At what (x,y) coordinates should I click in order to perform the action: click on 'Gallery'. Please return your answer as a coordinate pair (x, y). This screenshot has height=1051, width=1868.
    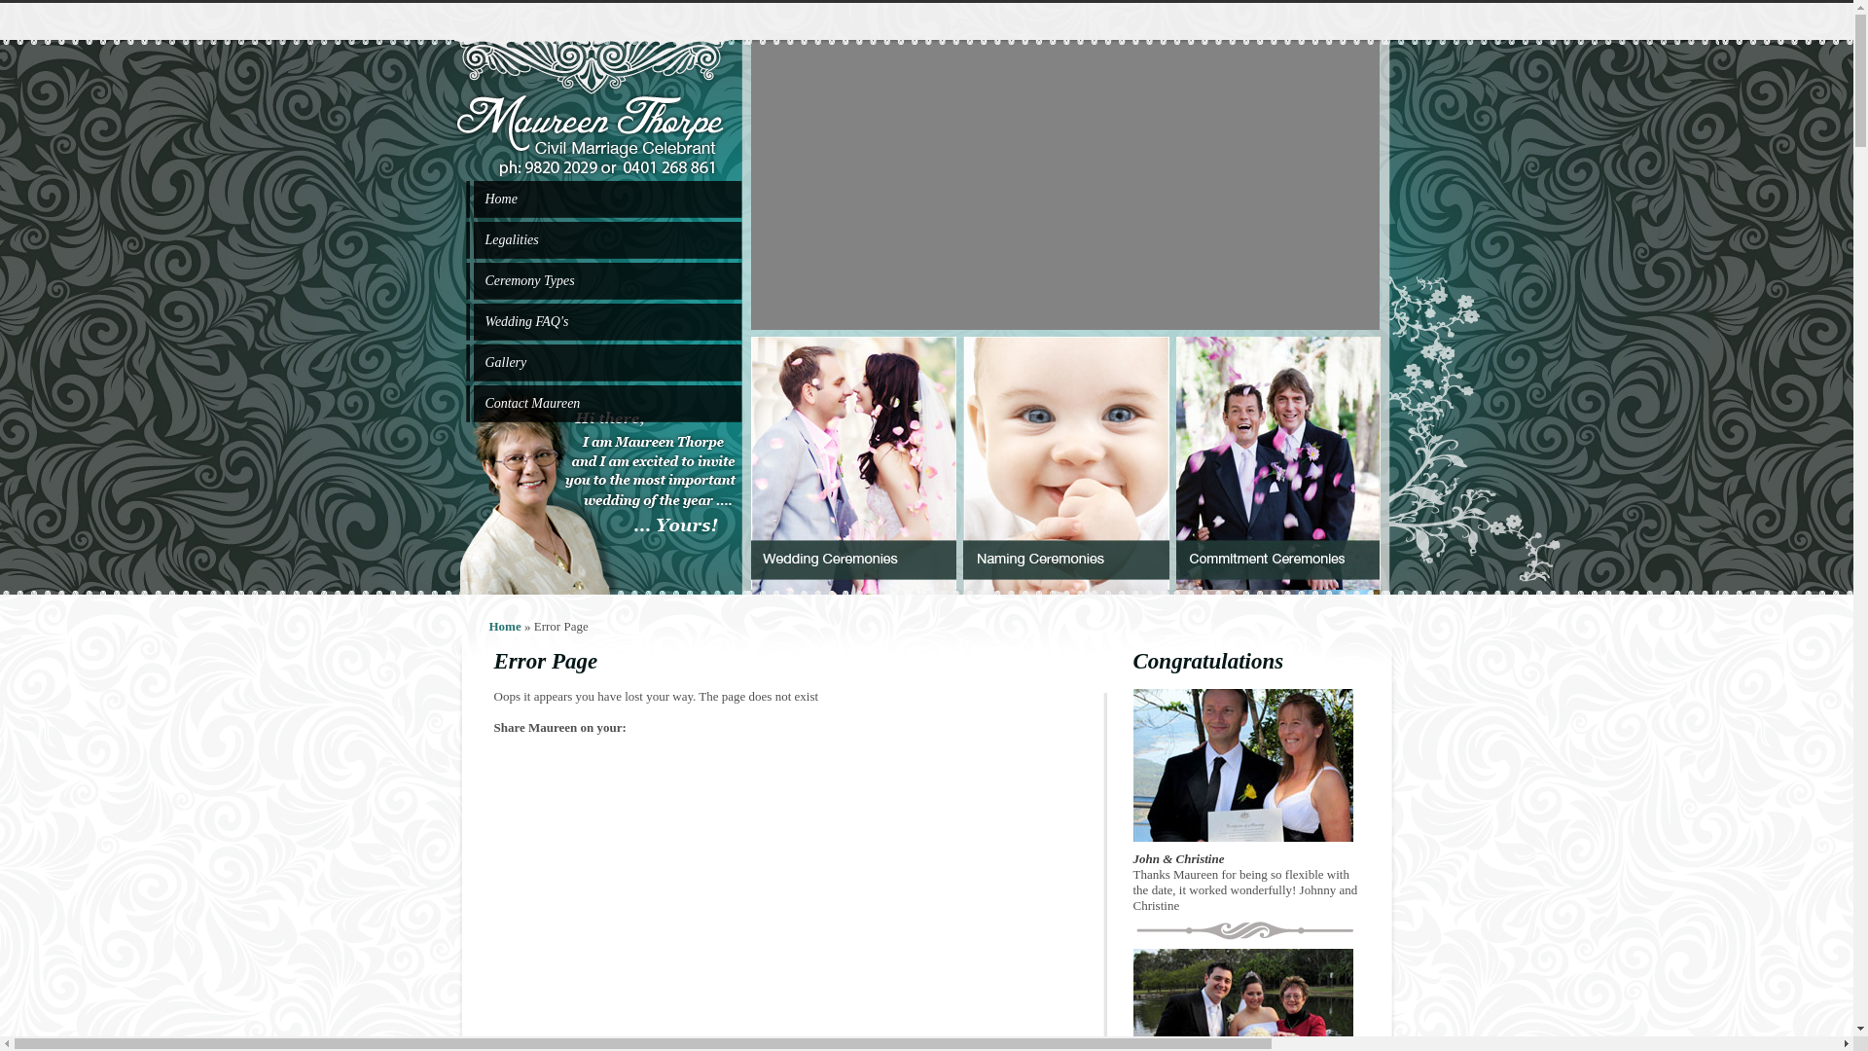
    Looking at the image, I should click on (485, 362).